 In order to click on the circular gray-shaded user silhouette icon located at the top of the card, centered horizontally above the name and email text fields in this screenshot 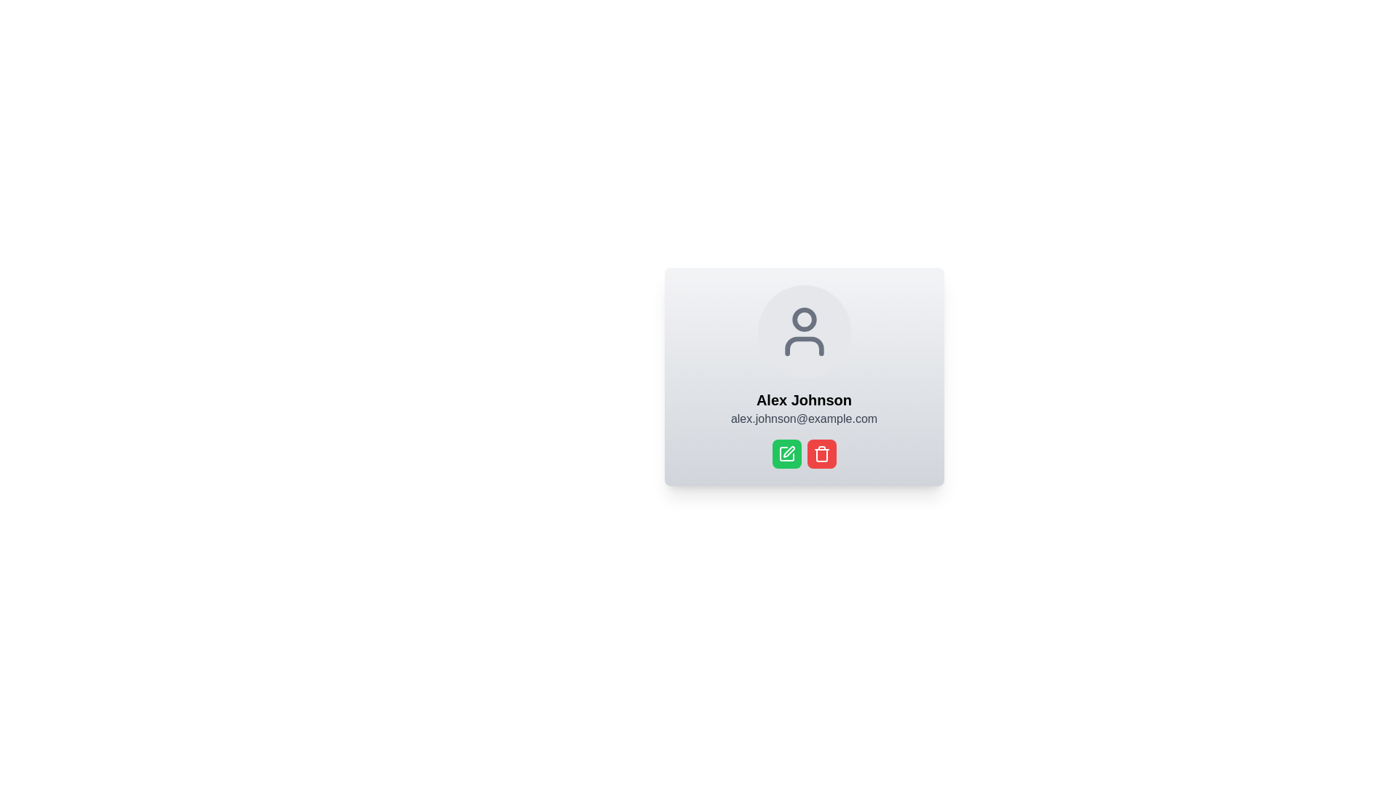, I will do `click(803, 331)`.